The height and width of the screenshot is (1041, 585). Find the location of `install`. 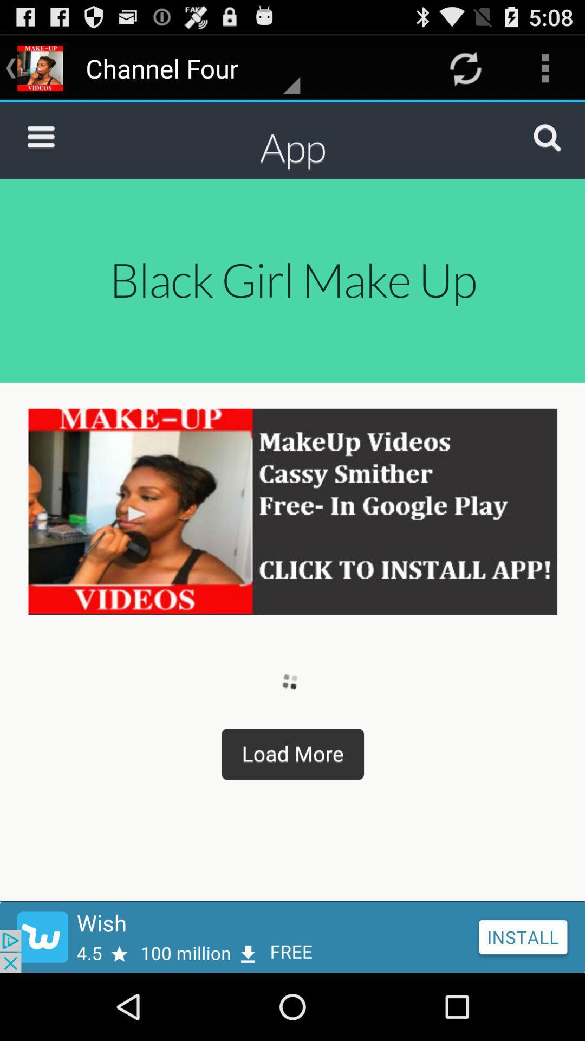

install is located at coordinates (292, 936).